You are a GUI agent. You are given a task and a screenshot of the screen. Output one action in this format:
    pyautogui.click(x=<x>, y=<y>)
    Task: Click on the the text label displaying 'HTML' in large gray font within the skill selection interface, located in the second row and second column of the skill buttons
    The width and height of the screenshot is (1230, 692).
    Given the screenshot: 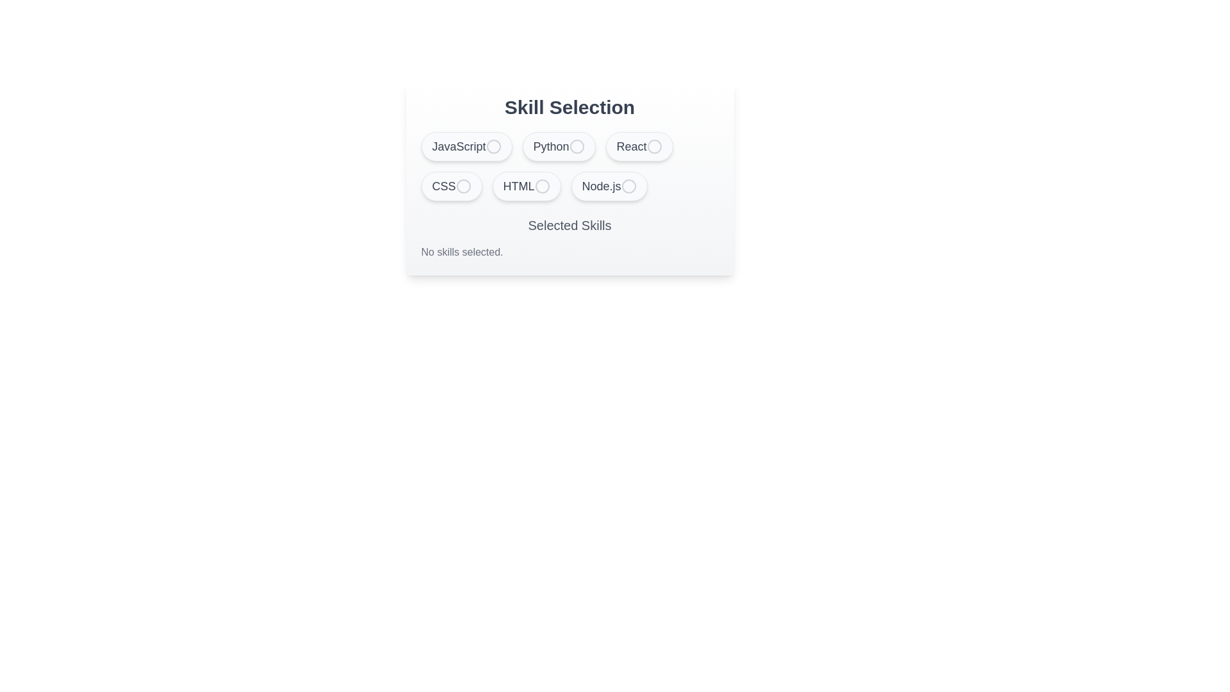 What is the action you would take?
    pyautogui.click(x=519, y=186)
    